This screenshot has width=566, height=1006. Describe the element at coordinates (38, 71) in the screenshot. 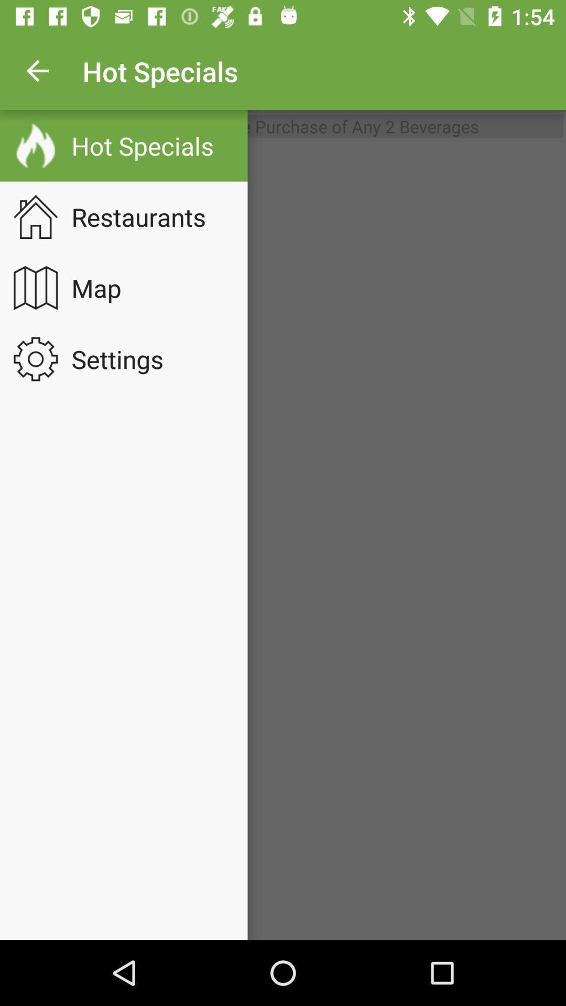

I see `app to the left of hot specials app` at that location.